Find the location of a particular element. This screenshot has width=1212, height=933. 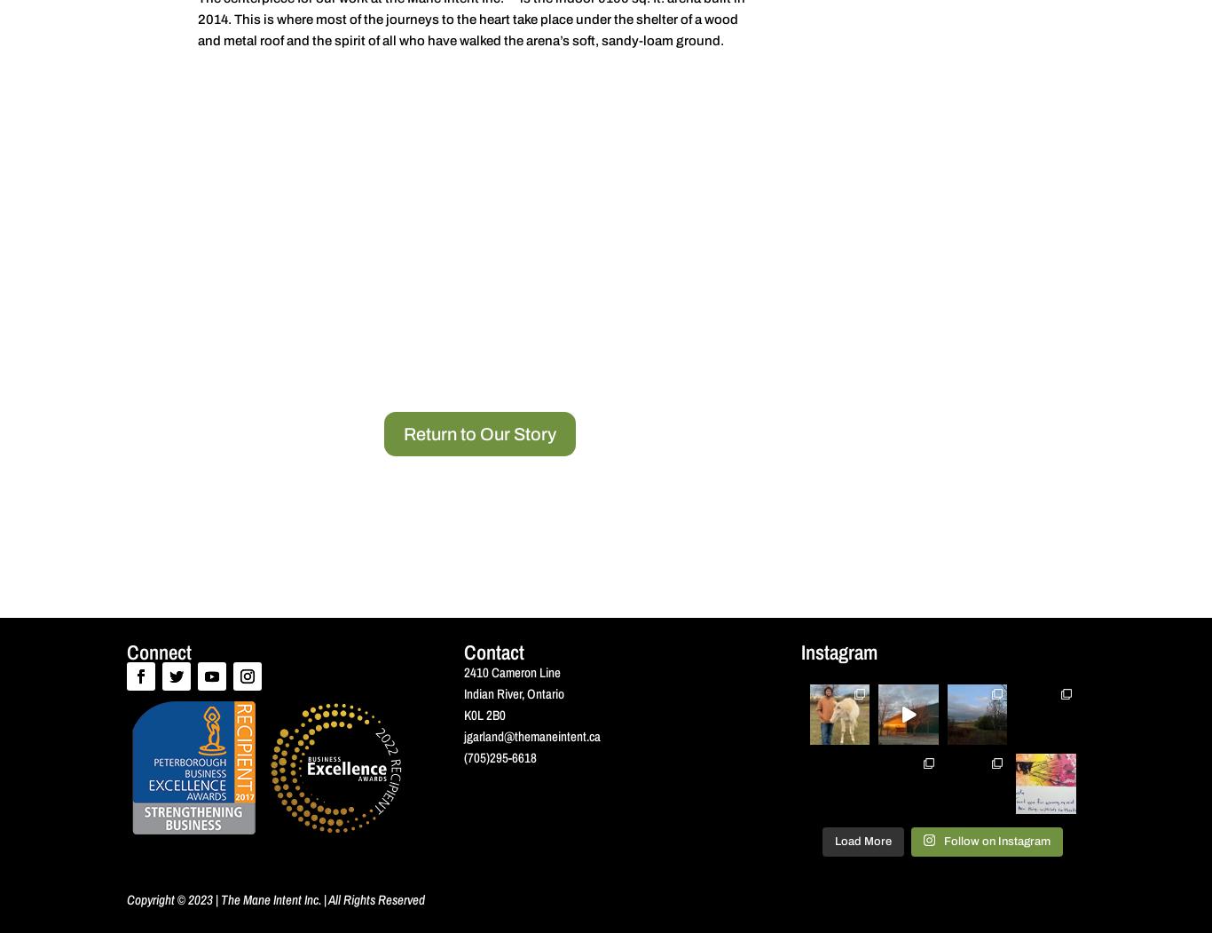

'K0L 2B0' is located at coordinates (484, 714).